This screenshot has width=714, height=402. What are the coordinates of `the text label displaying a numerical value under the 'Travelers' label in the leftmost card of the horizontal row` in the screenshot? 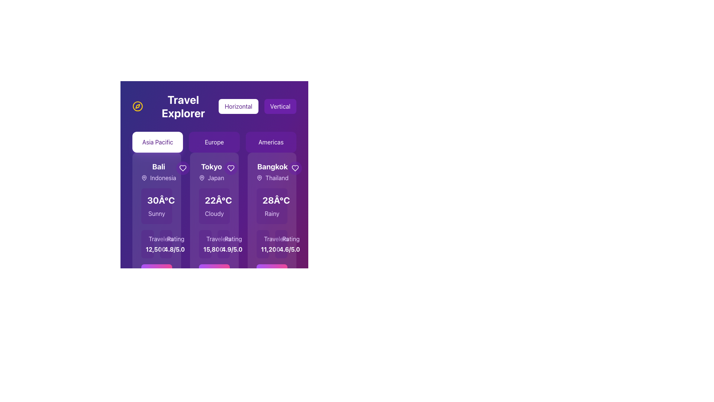 It's located at (147, 249).